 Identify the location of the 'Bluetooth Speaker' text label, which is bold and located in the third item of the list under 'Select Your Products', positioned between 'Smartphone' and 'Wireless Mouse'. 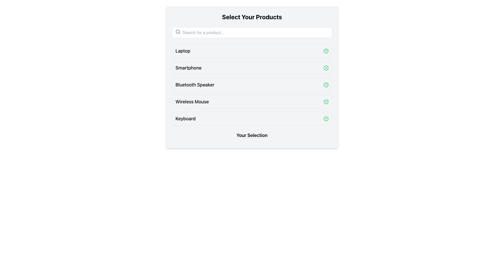
(195, 85).